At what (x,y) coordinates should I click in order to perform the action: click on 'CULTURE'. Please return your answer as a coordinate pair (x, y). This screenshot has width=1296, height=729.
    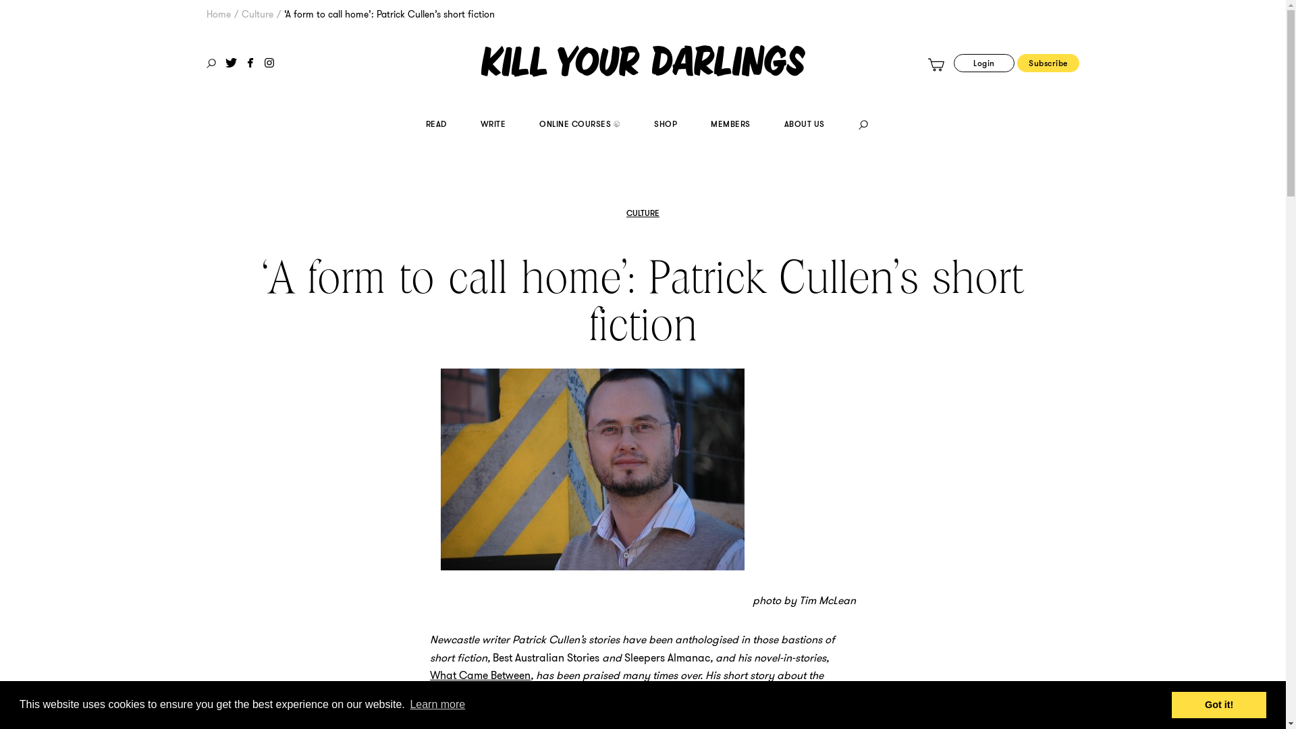
    Looking at the image, I should click on (642, 213).